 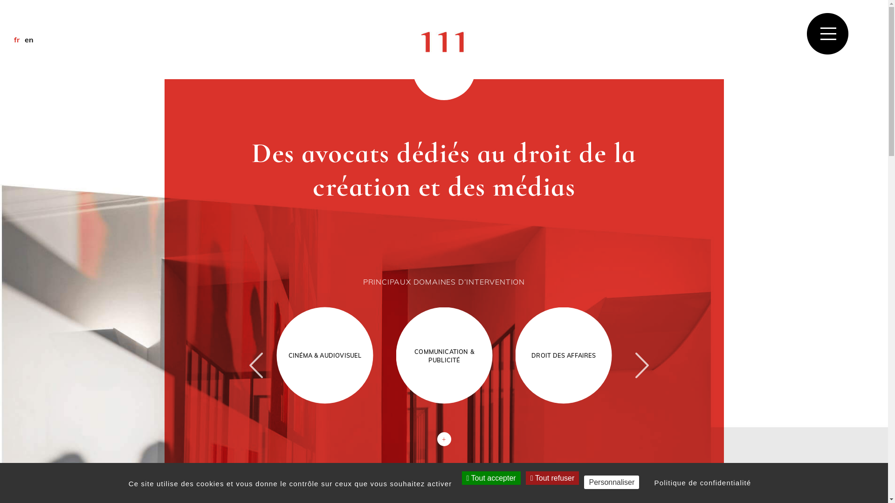 I want to click on 'Tout refuser', so click(x=526, y=478).